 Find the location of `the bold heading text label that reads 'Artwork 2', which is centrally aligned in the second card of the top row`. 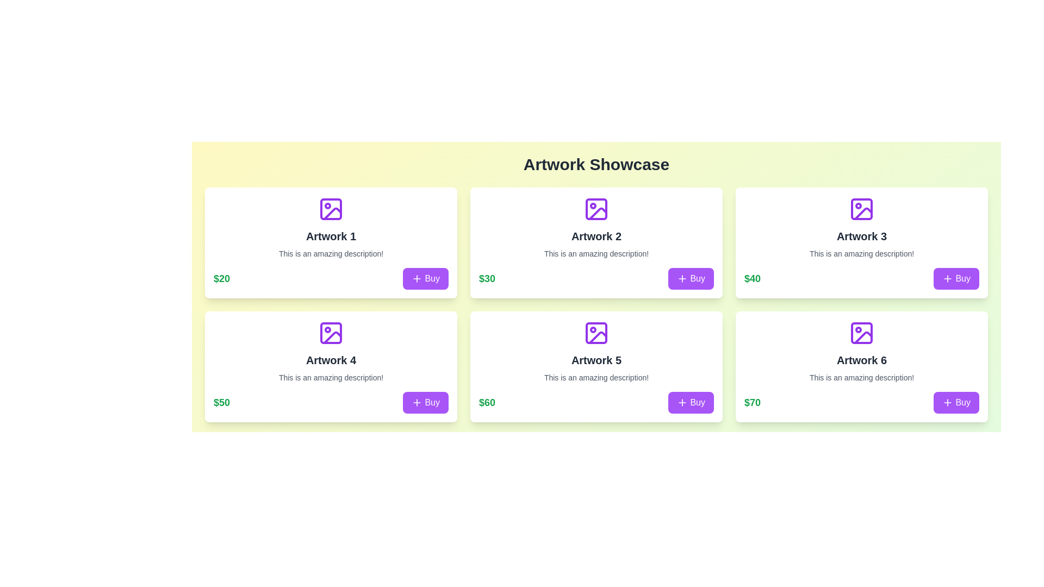

the bold heading text label that reads 'Artwork 2', which is centrally aligned in the second card of the top row is located at coordinates (596, 236).